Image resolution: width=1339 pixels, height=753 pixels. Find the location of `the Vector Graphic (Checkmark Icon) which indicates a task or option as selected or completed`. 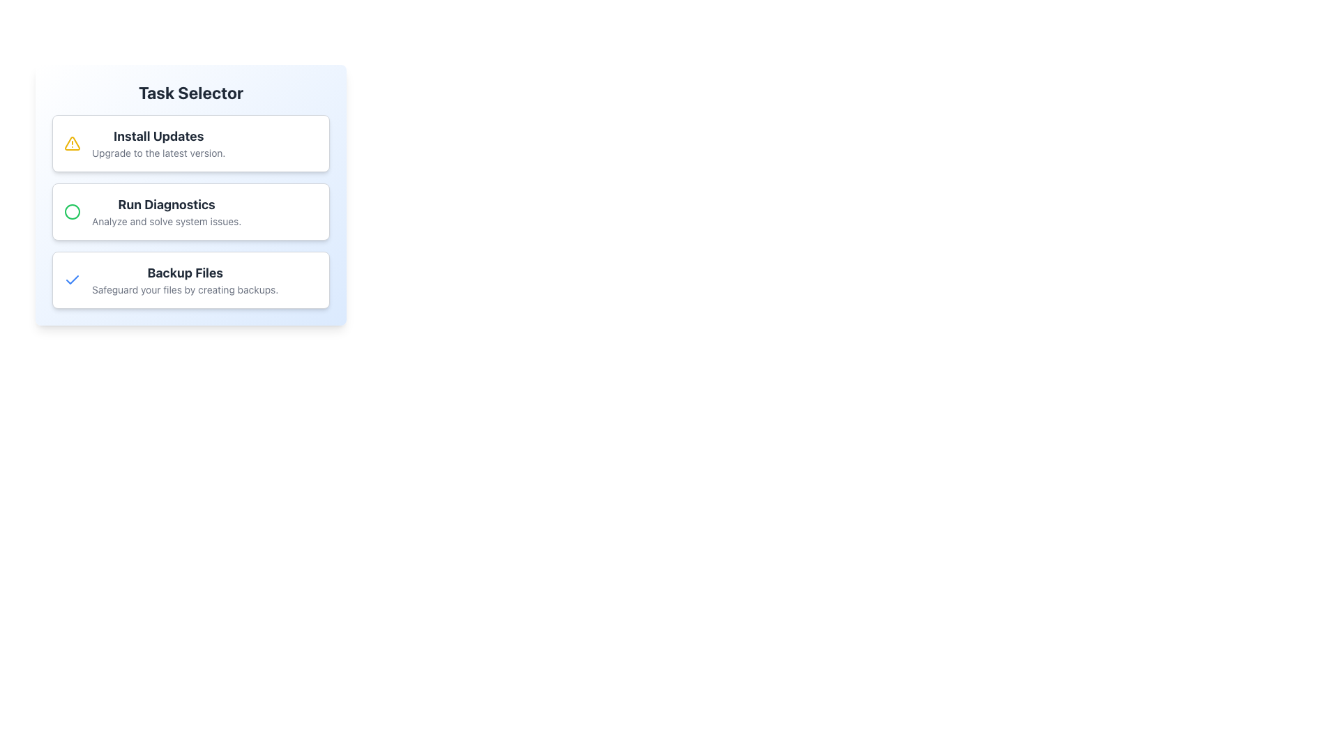

the Vector Graphic (Checkmark Icon) which indicates a task or option as selected or completed is located at coordinates (72, 280).